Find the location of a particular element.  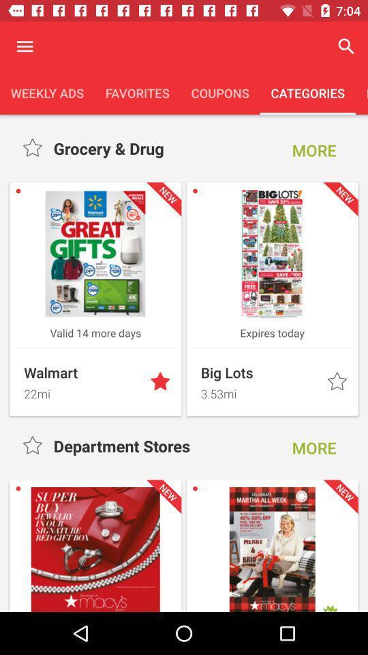

to favorites is located at coordinates (337, 382).